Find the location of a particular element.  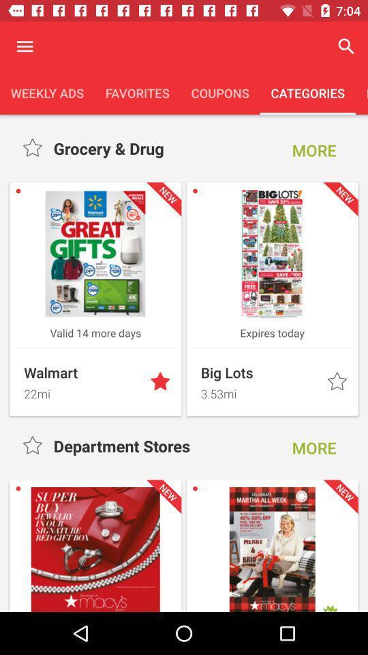

to favorites is located at coordinates (337, 382).